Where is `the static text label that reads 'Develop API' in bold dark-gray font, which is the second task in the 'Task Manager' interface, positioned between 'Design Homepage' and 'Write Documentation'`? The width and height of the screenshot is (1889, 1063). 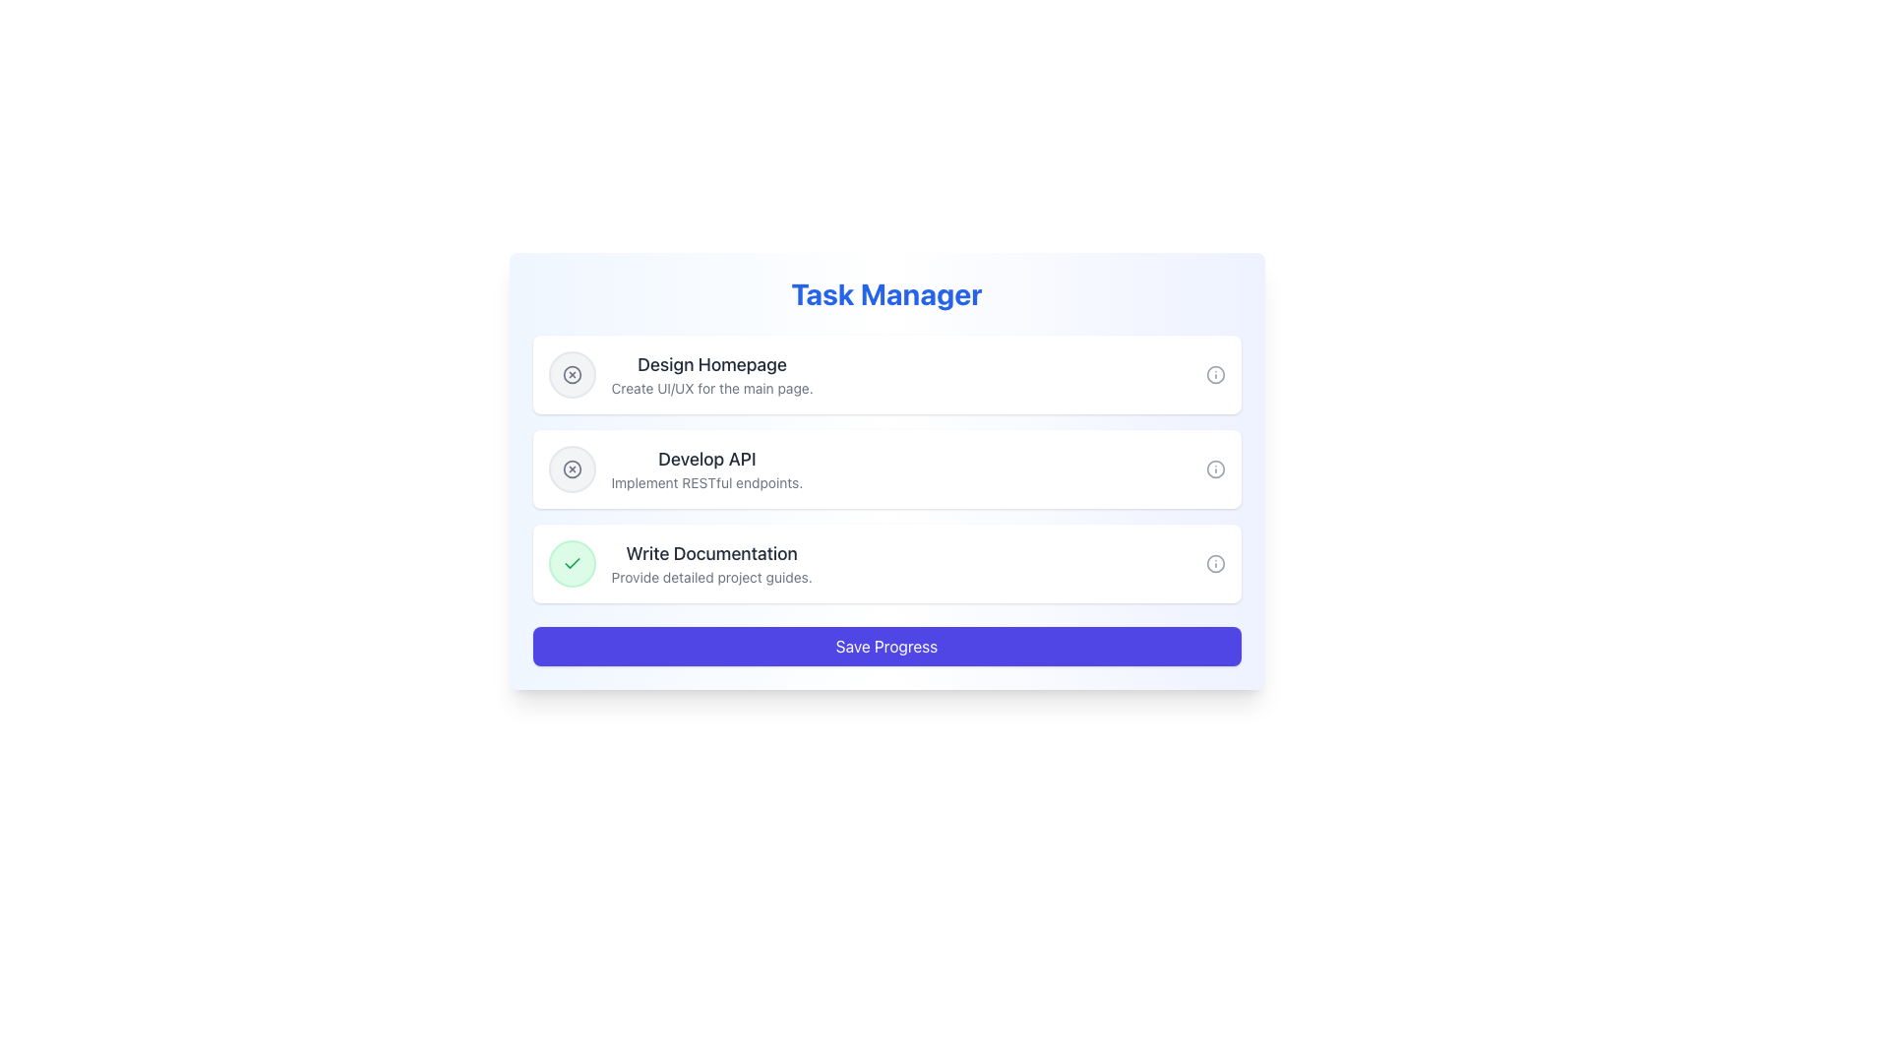
the static text label that reads 'Develop API' in bold dark-gray font, which is the second task in the 'Task Manager' interface, positioned between 'Design Homepage' and 'Write Documentation' is located at coordinates (706, 469).